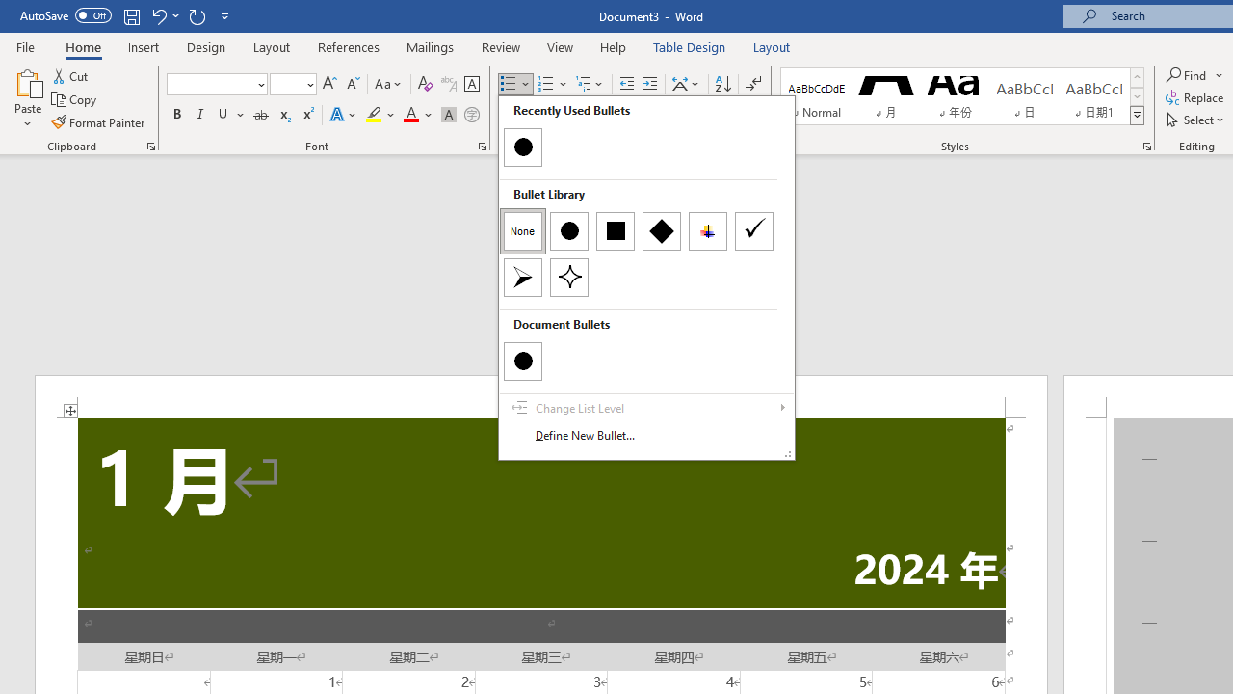  I want to click on 'Underline', so click(231, 115).